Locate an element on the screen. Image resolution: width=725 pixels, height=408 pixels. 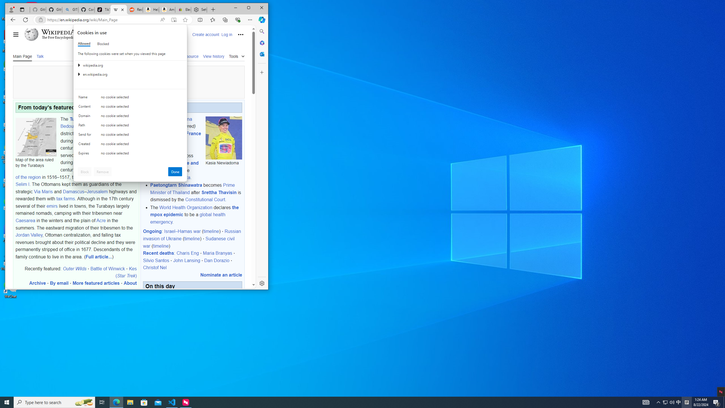
'Class: c0153 c0157 c0154' is located at coordinates (130, 98).